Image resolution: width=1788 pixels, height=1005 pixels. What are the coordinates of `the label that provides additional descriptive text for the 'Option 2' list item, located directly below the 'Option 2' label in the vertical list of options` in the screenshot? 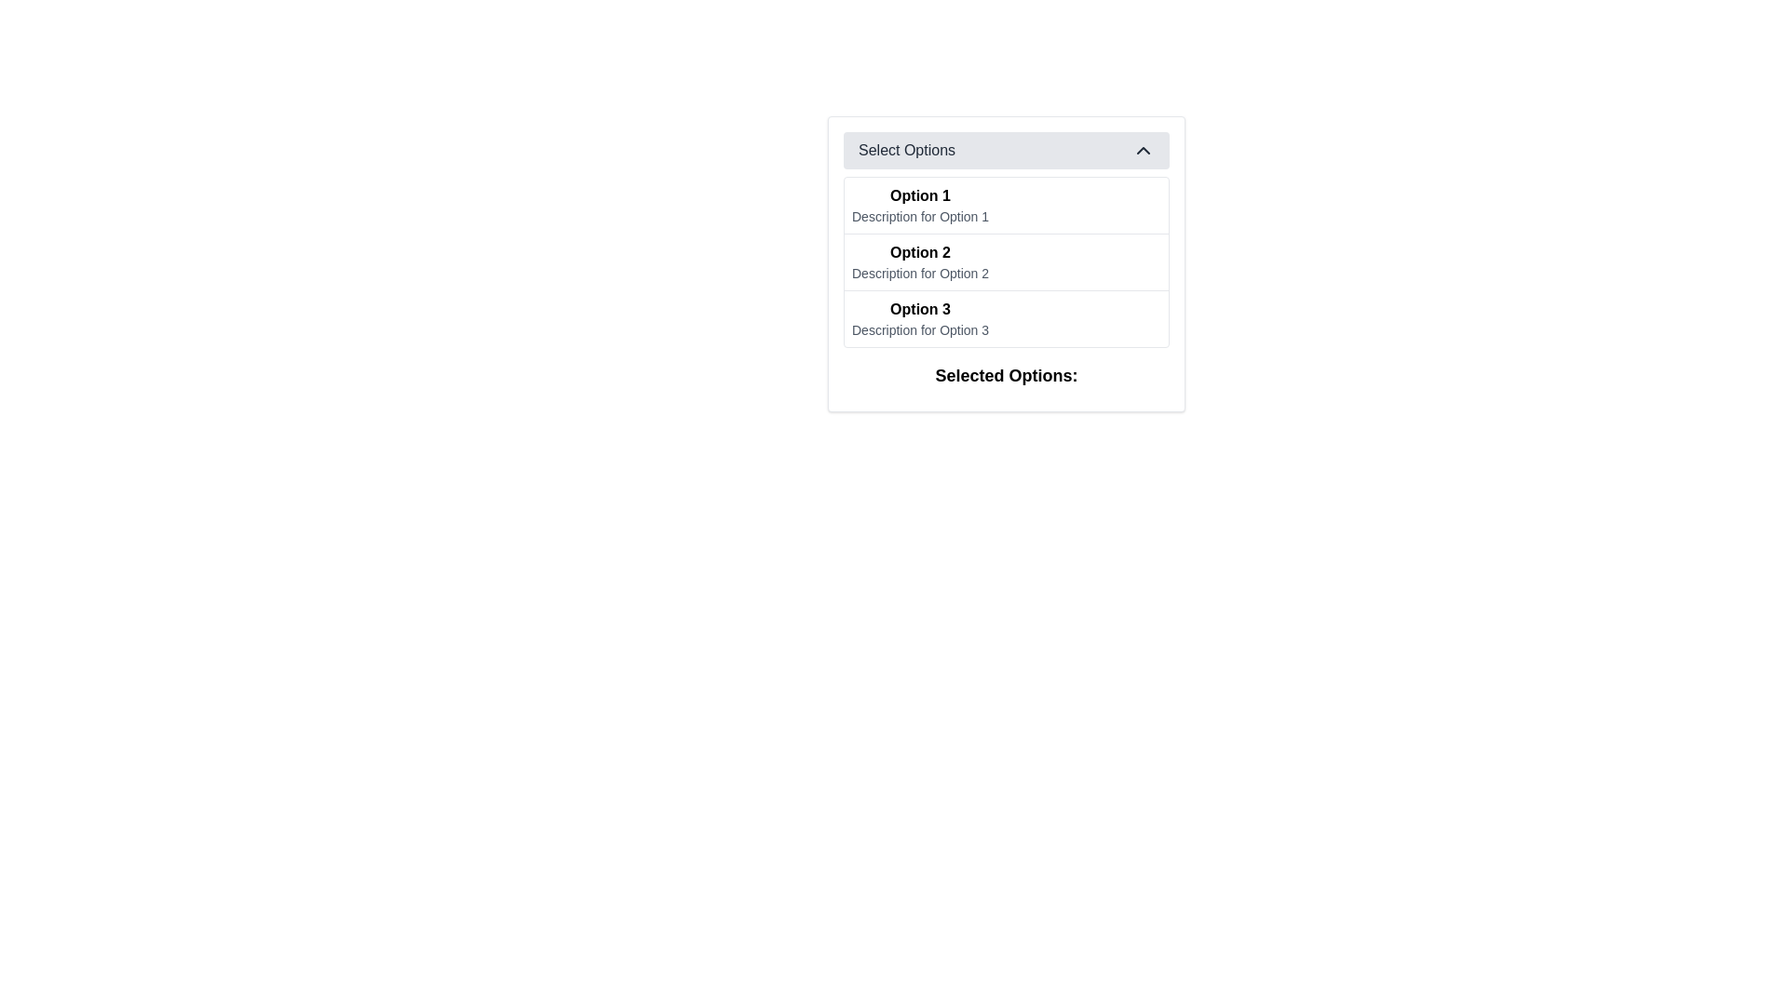 It's located at (920, 273).